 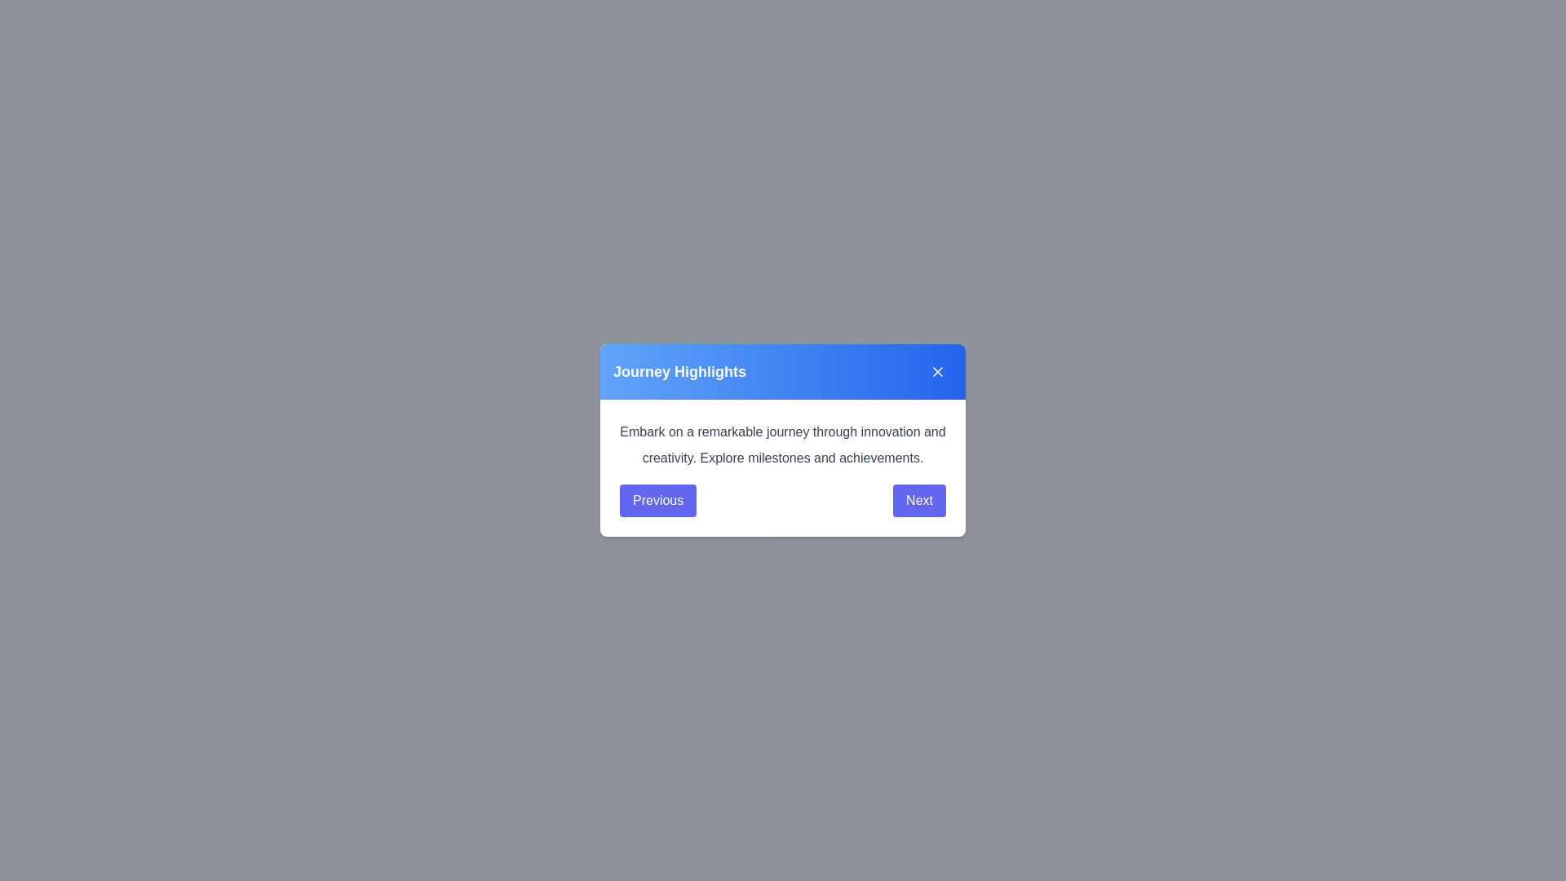 I want to click on the 'Previous' button located at the bottom-left area of the modal dialog box to change its appearance, so click(x=658, y=499).